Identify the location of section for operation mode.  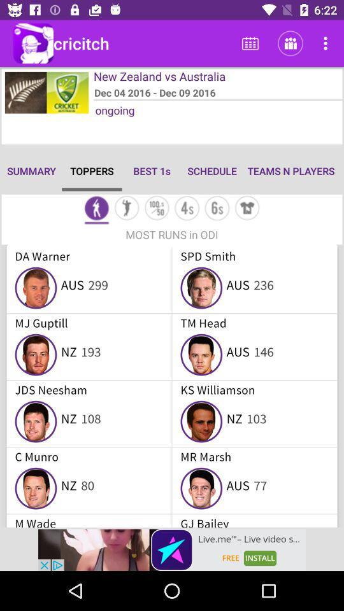
(127, 209).